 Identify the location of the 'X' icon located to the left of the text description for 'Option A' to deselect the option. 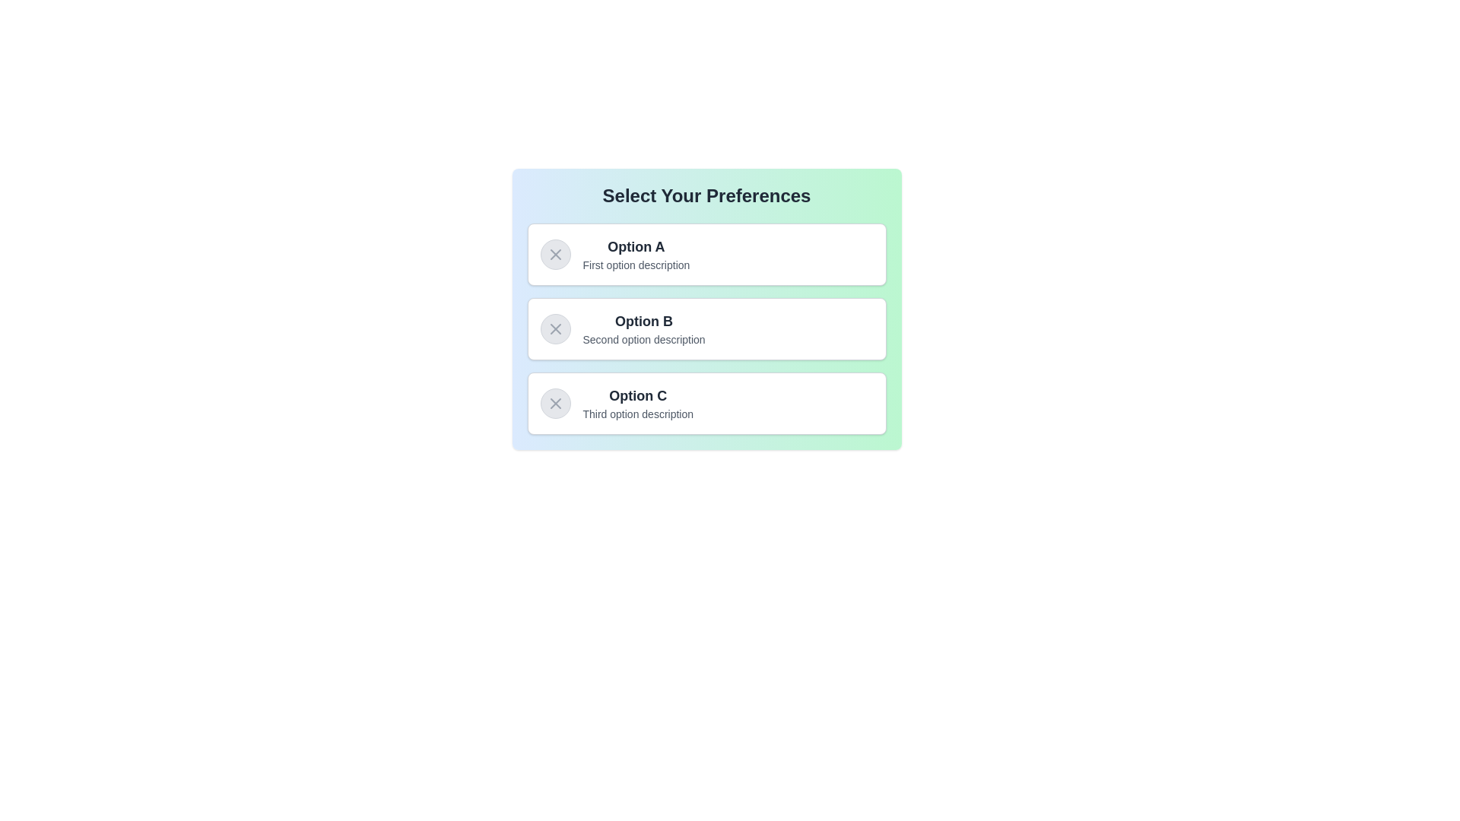
(554, 254).